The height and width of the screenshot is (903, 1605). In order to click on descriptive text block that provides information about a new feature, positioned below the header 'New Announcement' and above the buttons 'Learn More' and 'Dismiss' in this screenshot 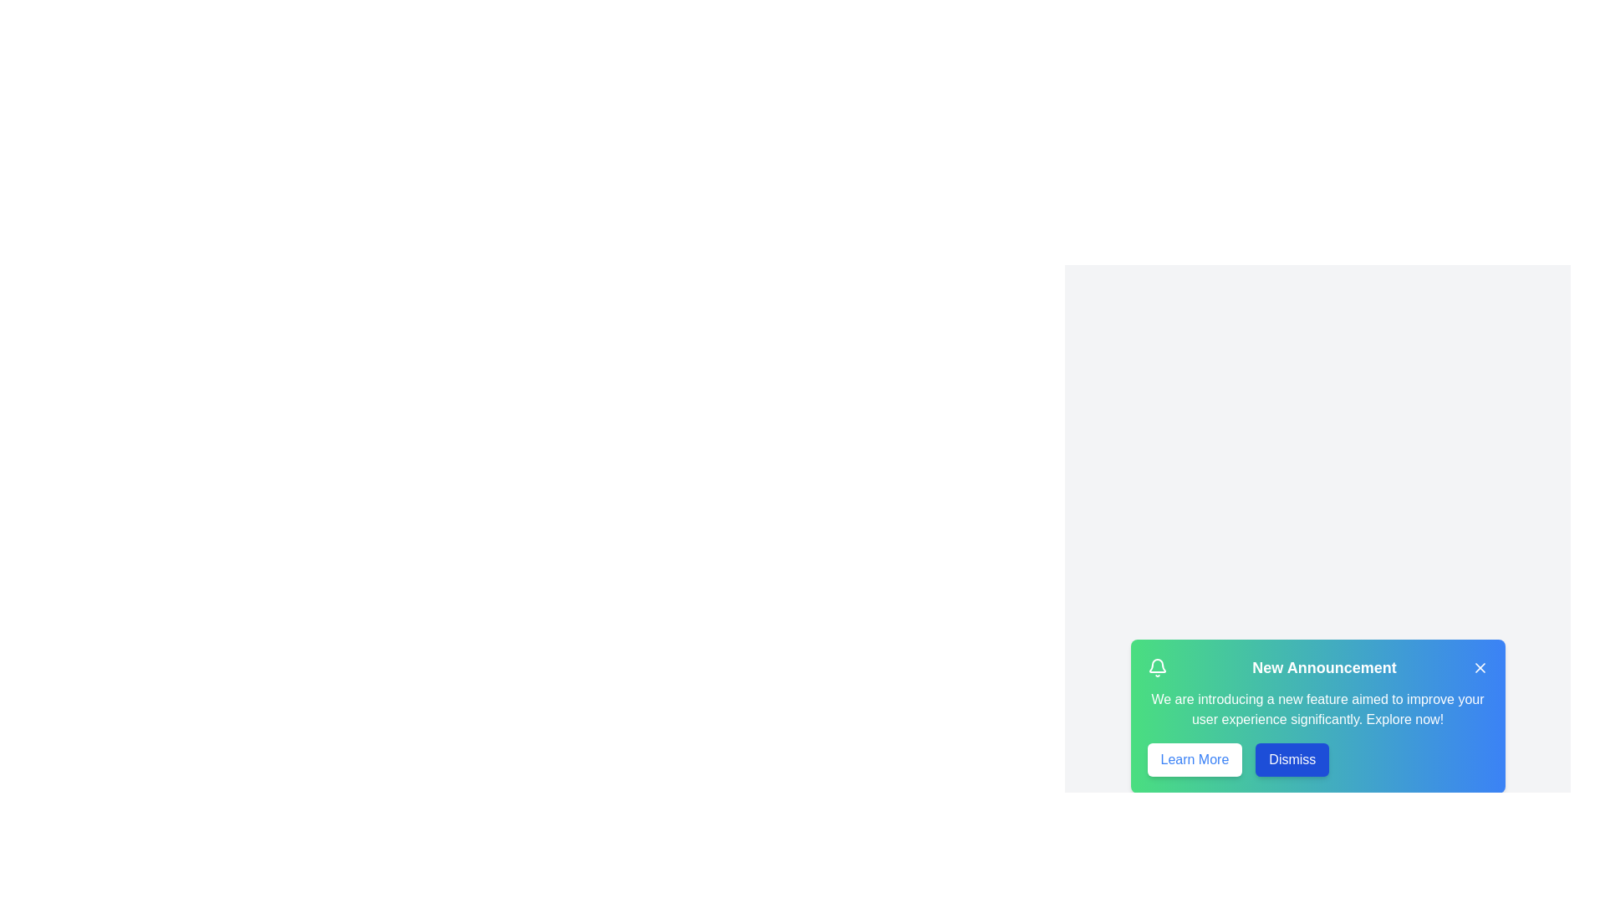, I will do `click(1317, 709)`.